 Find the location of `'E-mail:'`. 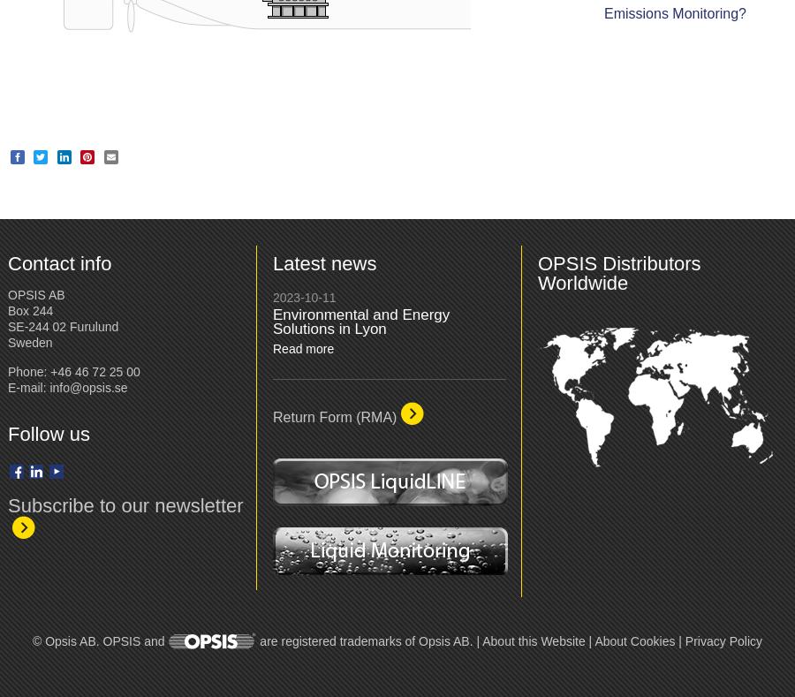

'E-mail:' is located at coordinates (27, 386).